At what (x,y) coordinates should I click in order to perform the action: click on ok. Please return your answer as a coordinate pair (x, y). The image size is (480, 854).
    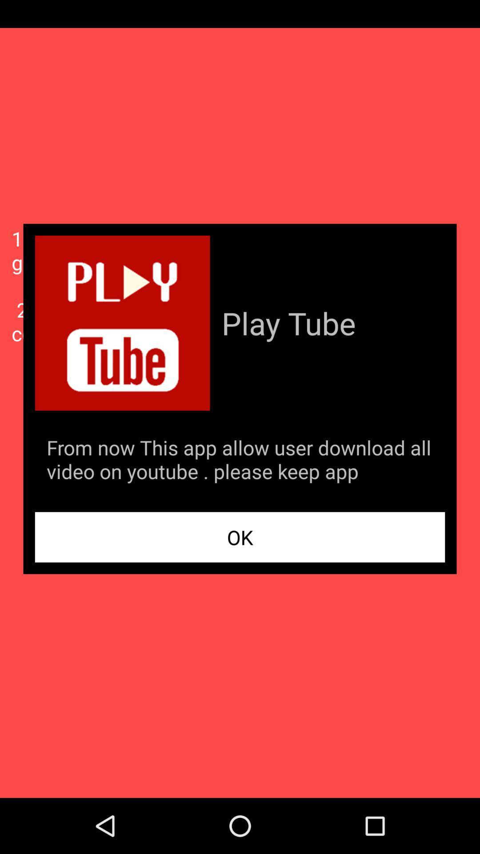
    Looking at the image, I should click on (240, 536).